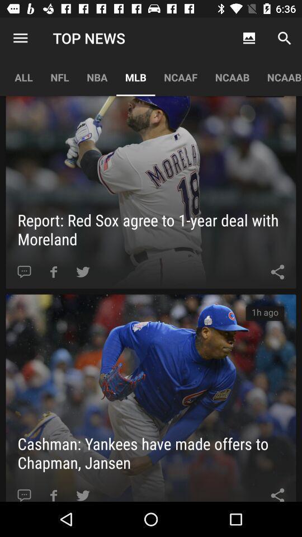 The width and height of the screenshot is (302, 537). What do you see at coordinates (60, 77) in the screenshot?
I see `the item to the right of all app` at bounding box center [60, 77].